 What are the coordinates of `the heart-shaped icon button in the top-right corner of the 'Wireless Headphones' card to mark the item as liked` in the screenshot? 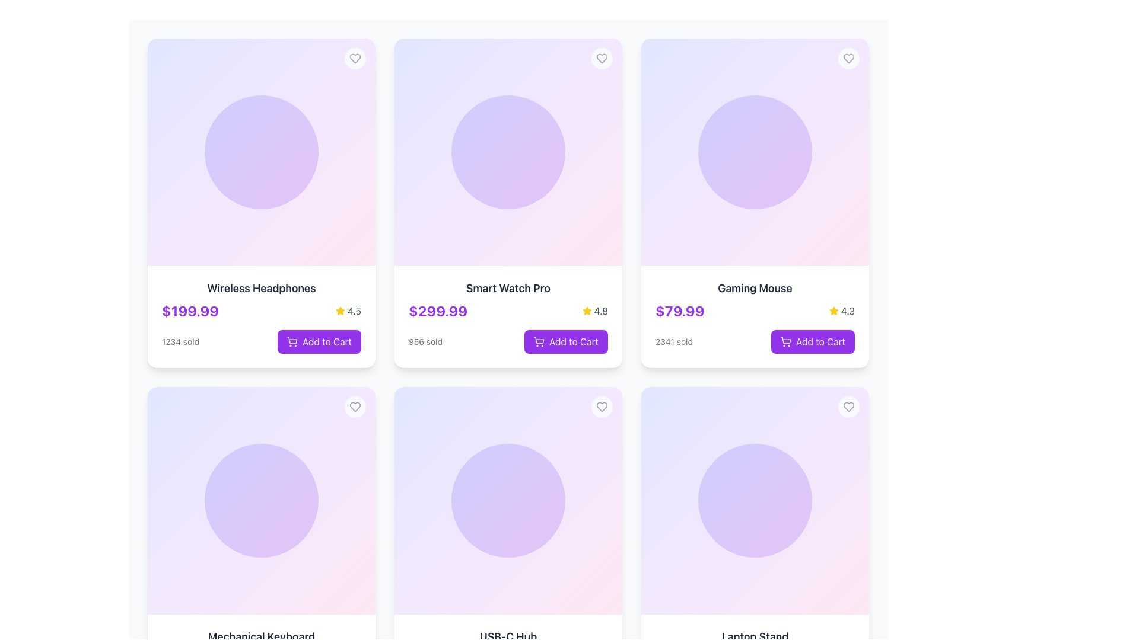 It's located at (355, 59).